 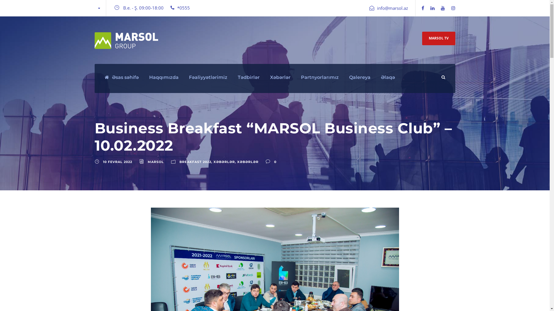 I want to click on 'Qalereya', so click(x=360, y=83).